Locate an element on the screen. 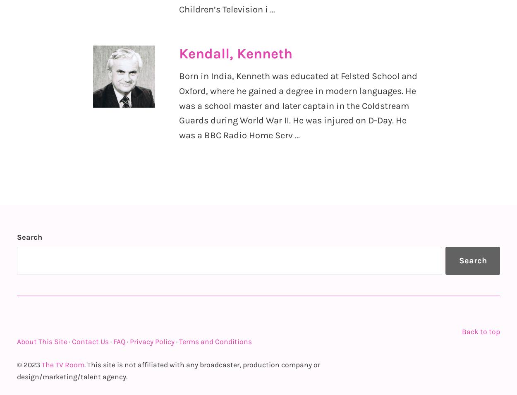 This screenshot has height=395, width=517. 'Born in India, Kenneth was educated at Felsted School and Oxford, where he gained a degree in modern languages. He was a school master and later captain in the Coldstream Guards during World War II. He was injured on D-Day. He was a BBC Radio Home Serv …' is located at coordinates (298, 106).